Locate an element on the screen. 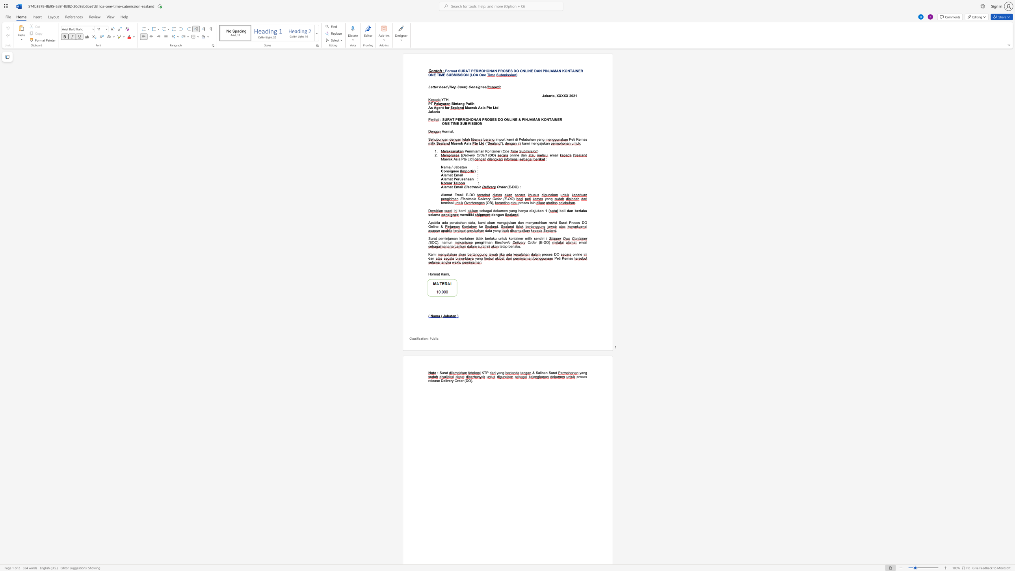 Image resolution: width=1015 pixels, height=571 pixels. the subset text "NE" within the text "ONE TIME SUBMISSION" is located at coordinates (444, 123).